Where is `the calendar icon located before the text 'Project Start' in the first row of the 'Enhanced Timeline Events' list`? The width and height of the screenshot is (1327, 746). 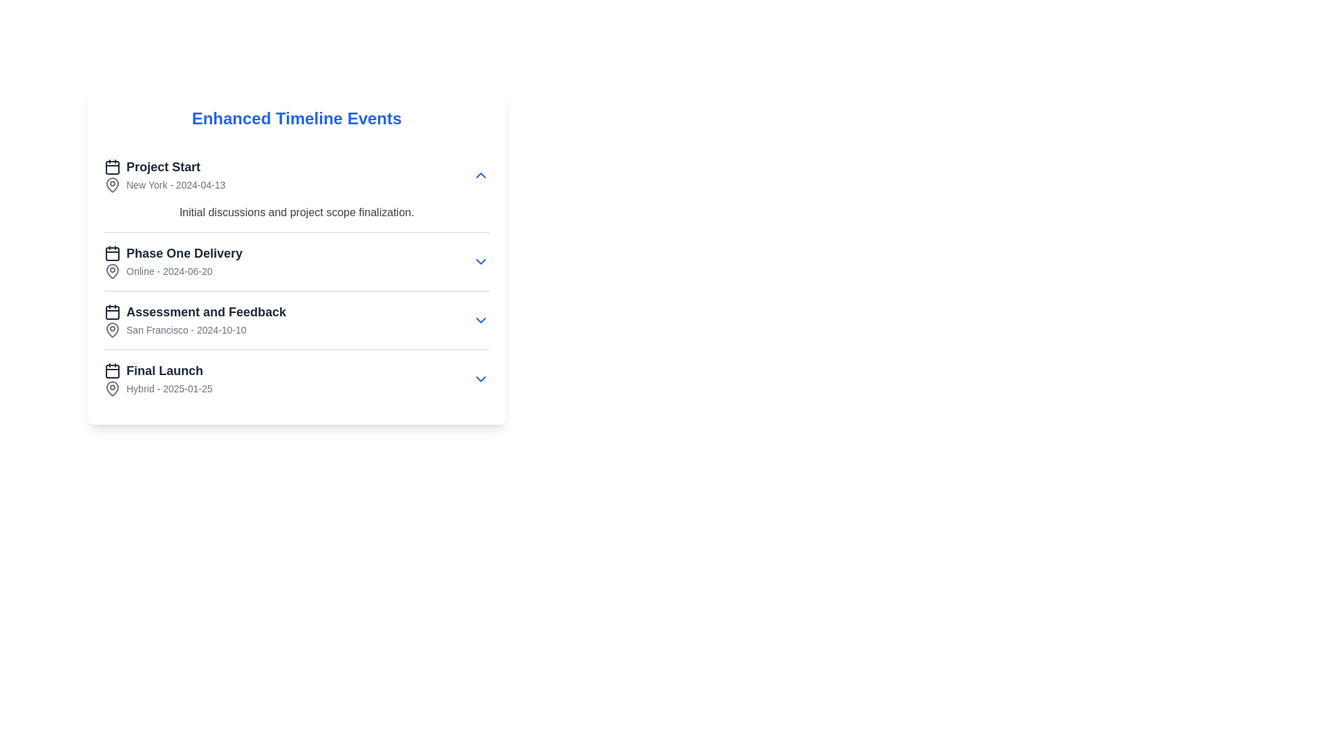 the calendar icon located before the text 'Project Start' in the first row of the 'Enhanced Timeline Events' list is located at coordinates (113, 166).